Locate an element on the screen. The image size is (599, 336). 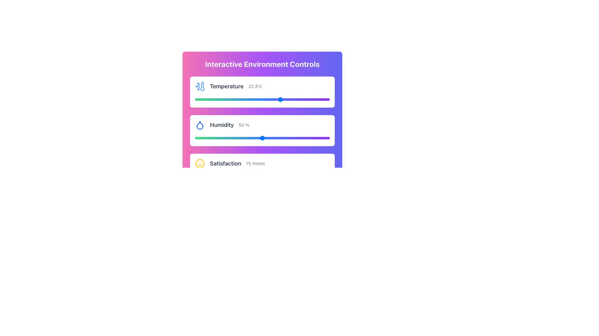
the slider is located at coordinates (227, 99).